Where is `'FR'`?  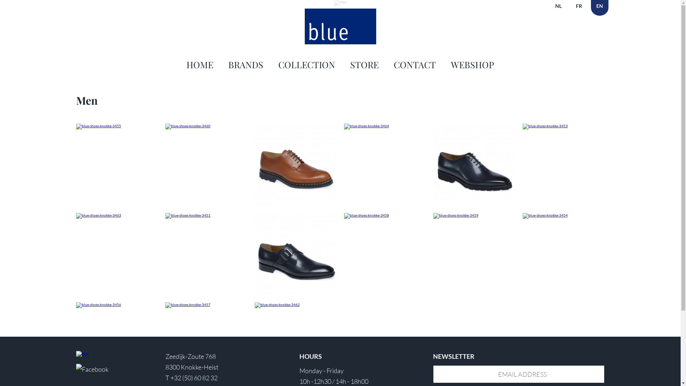 'FR' is located at coordinates (578, 8).